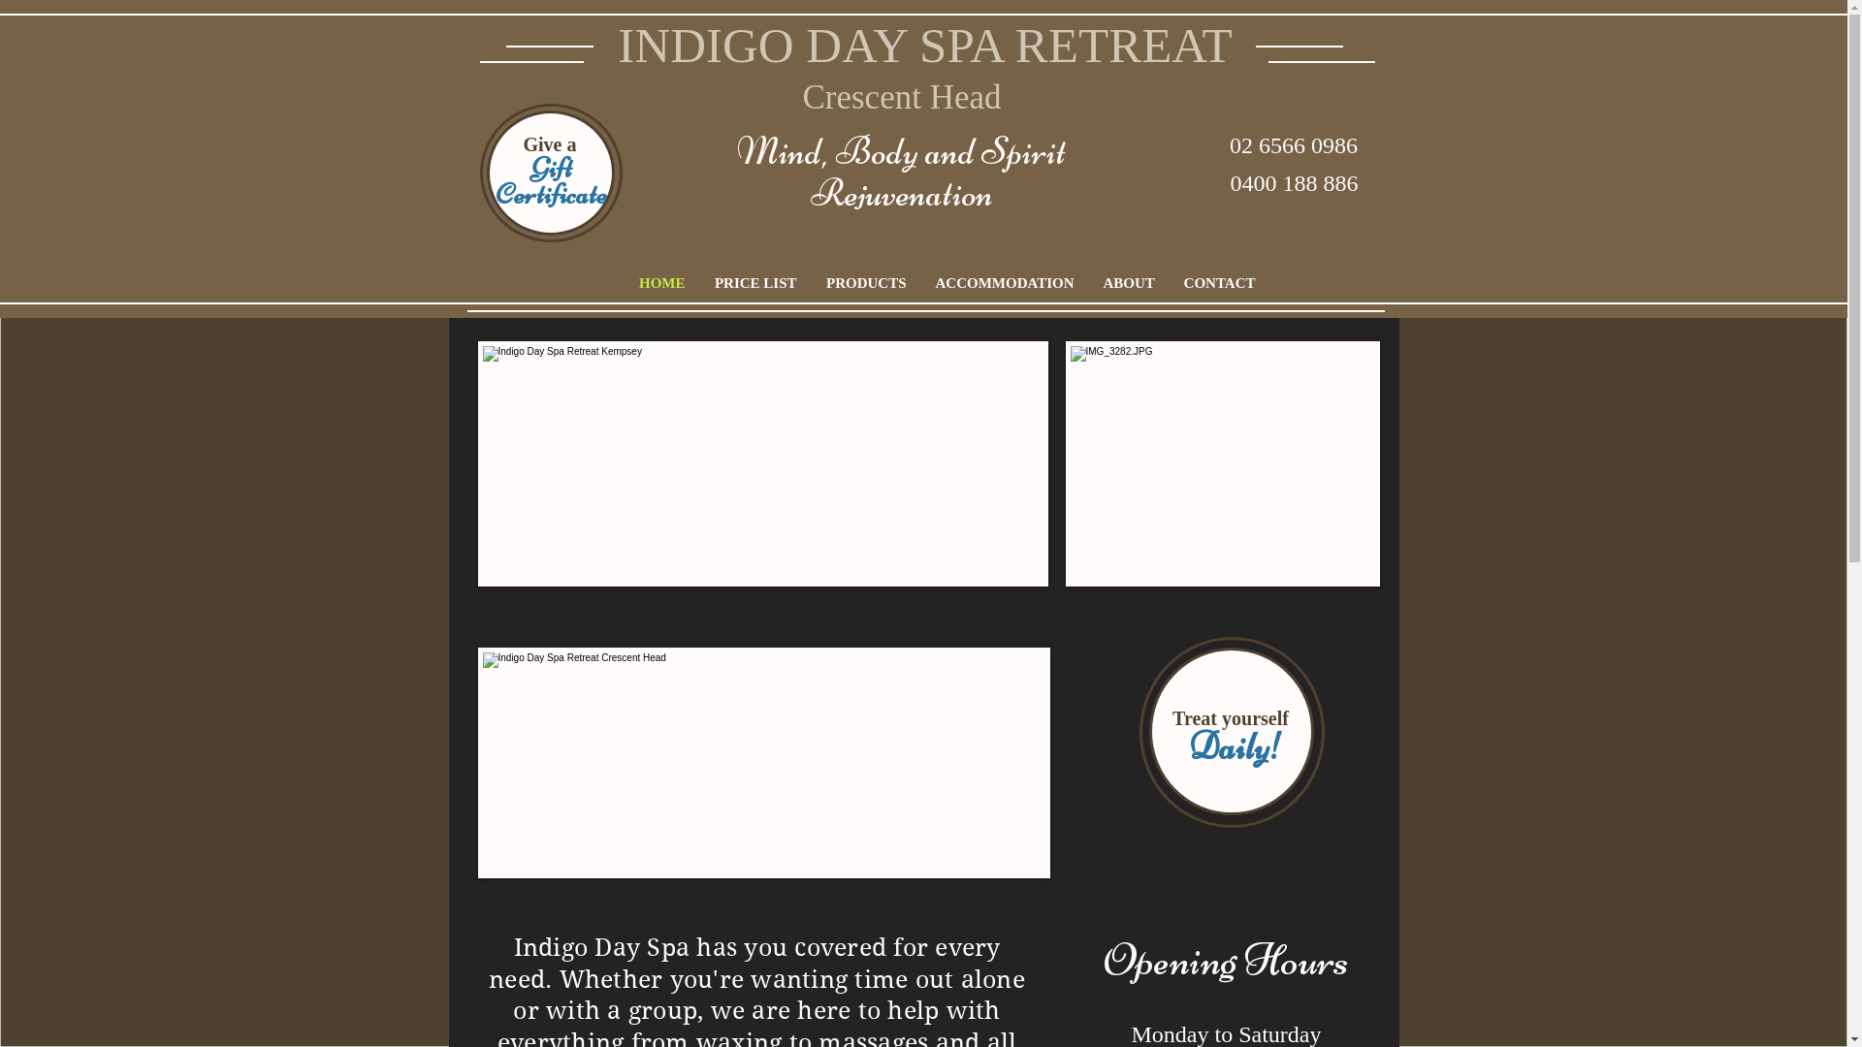 This screenshot has height=1047, width=1862. What do you see at coordinates (550, 180) in the screenshot?
I see `'Gift Certificate'` at bounding box center [550, 180].